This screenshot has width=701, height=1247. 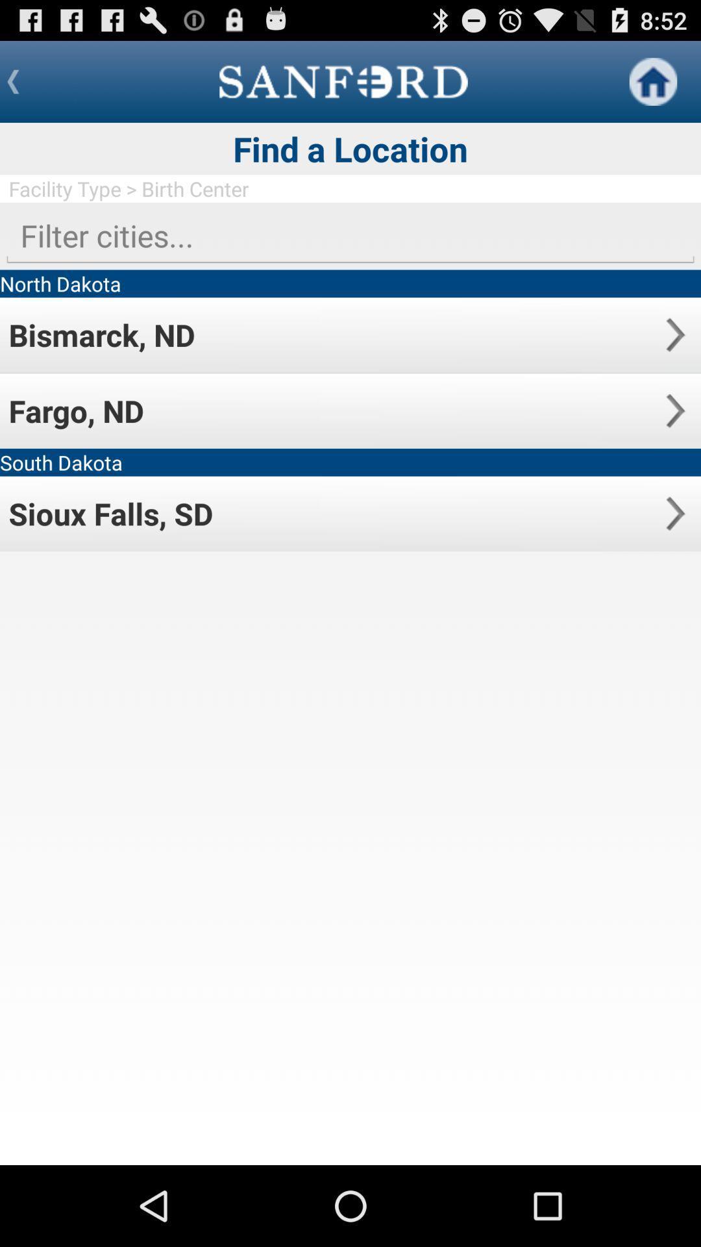 I want to click on the right arrow icon right side of bismarcknd, so click(x=674, y=334).